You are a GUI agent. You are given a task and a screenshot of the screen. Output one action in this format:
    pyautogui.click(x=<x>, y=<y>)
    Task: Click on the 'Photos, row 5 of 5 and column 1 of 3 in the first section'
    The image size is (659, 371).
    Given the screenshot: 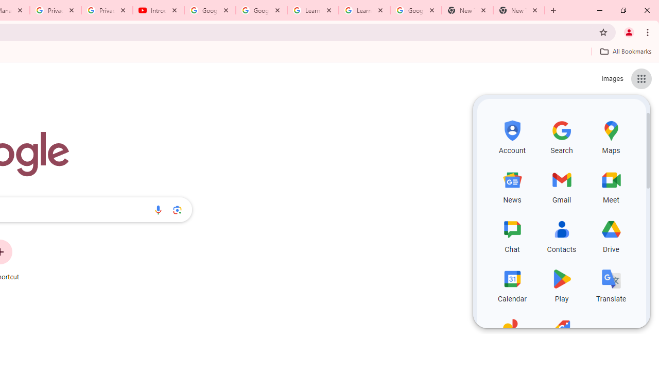 What is the action you would take?
    pyautogui.click(x=512, y=334)
    